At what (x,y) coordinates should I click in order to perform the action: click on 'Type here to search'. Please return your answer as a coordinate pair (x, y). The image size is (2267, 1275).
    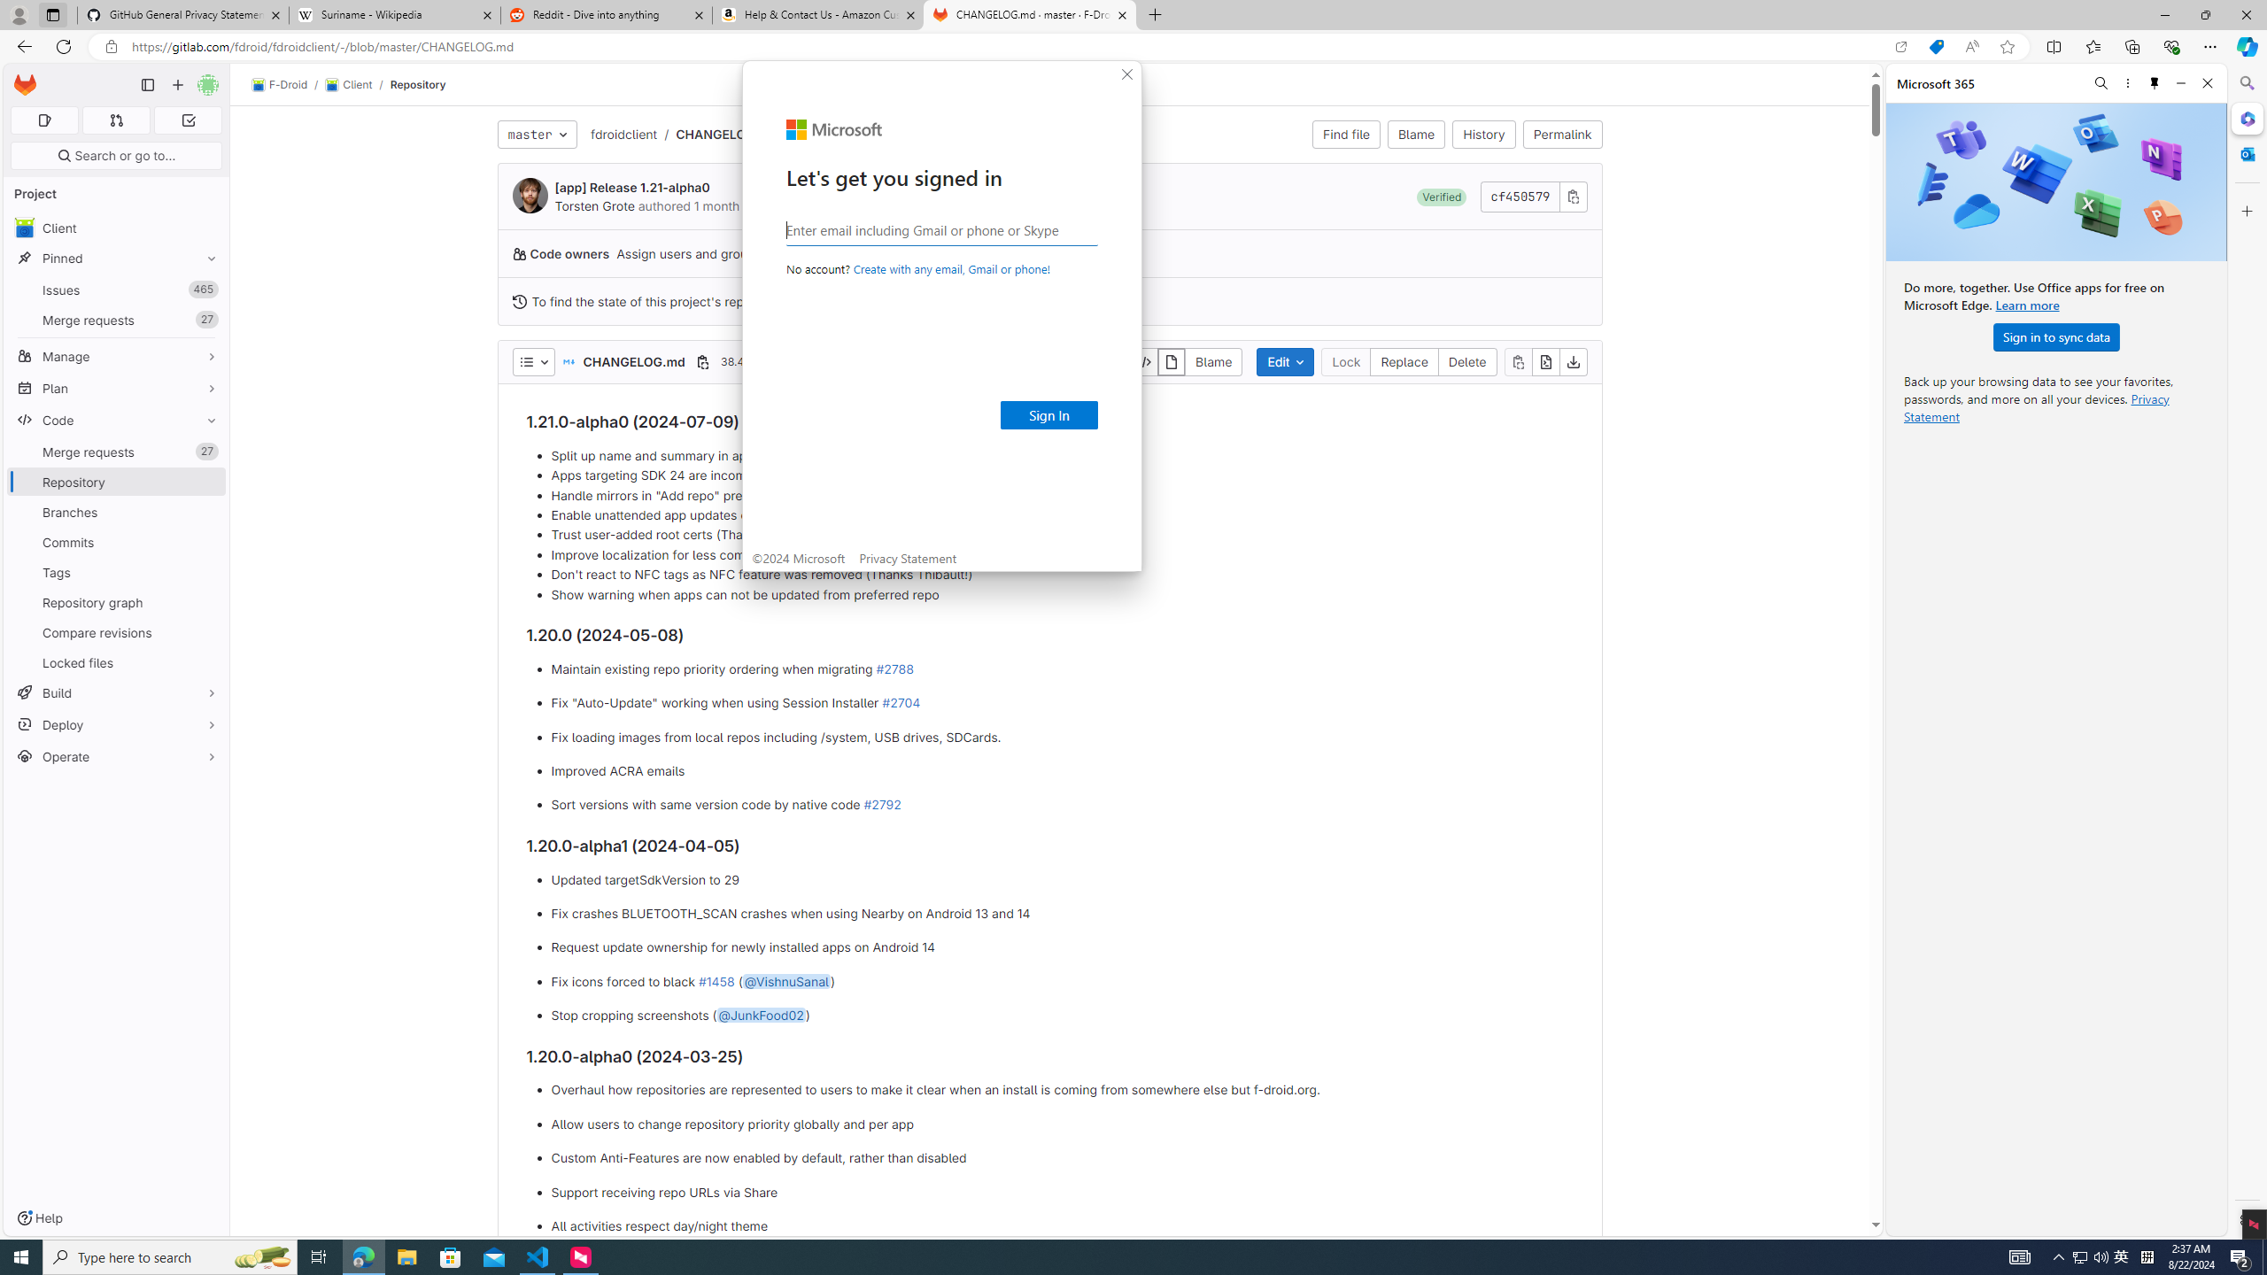
    Looking at the image, I should click on (169, 1256).